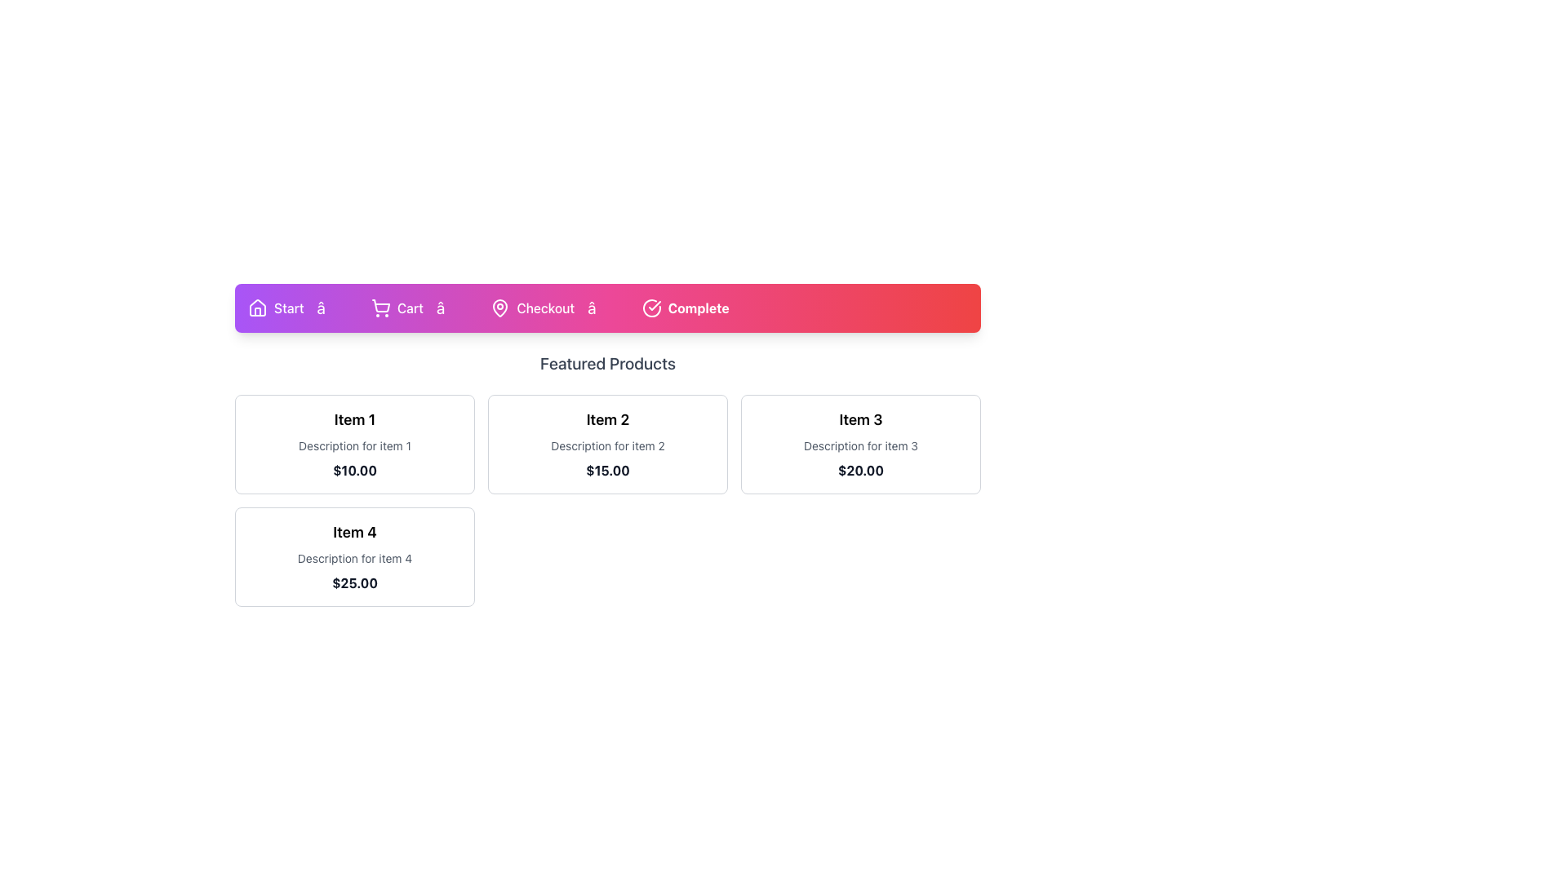  Describe the element at coordinates (499, 308) in the screenshot. I see `the vector graphic element representing the map-pin icon, which is centrally located within the 'Complete' button in the upper navigation bar` at that location.